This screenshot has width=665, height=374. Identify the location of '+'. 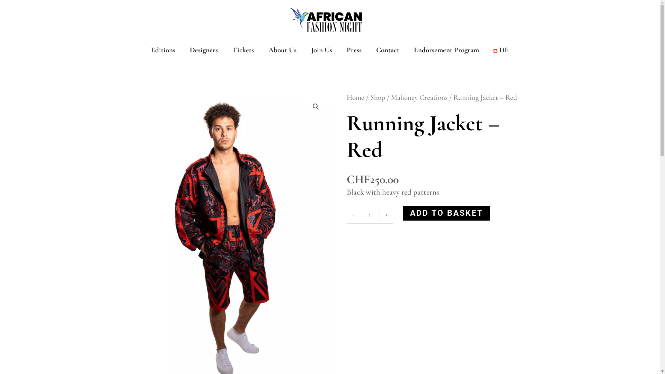
(385, 214).